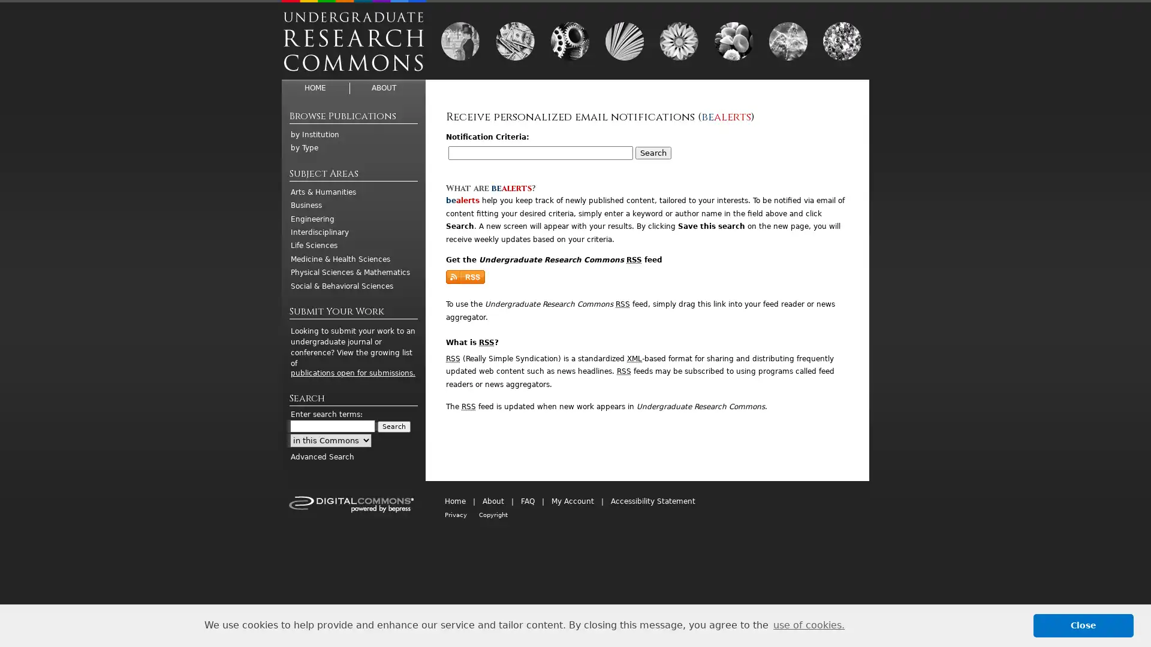 The height and width of the screenshot is (647, 1151). What do you see at coordinates (394, 426) in the screenshot?
I see `Search` at bounding box center [394, 426].